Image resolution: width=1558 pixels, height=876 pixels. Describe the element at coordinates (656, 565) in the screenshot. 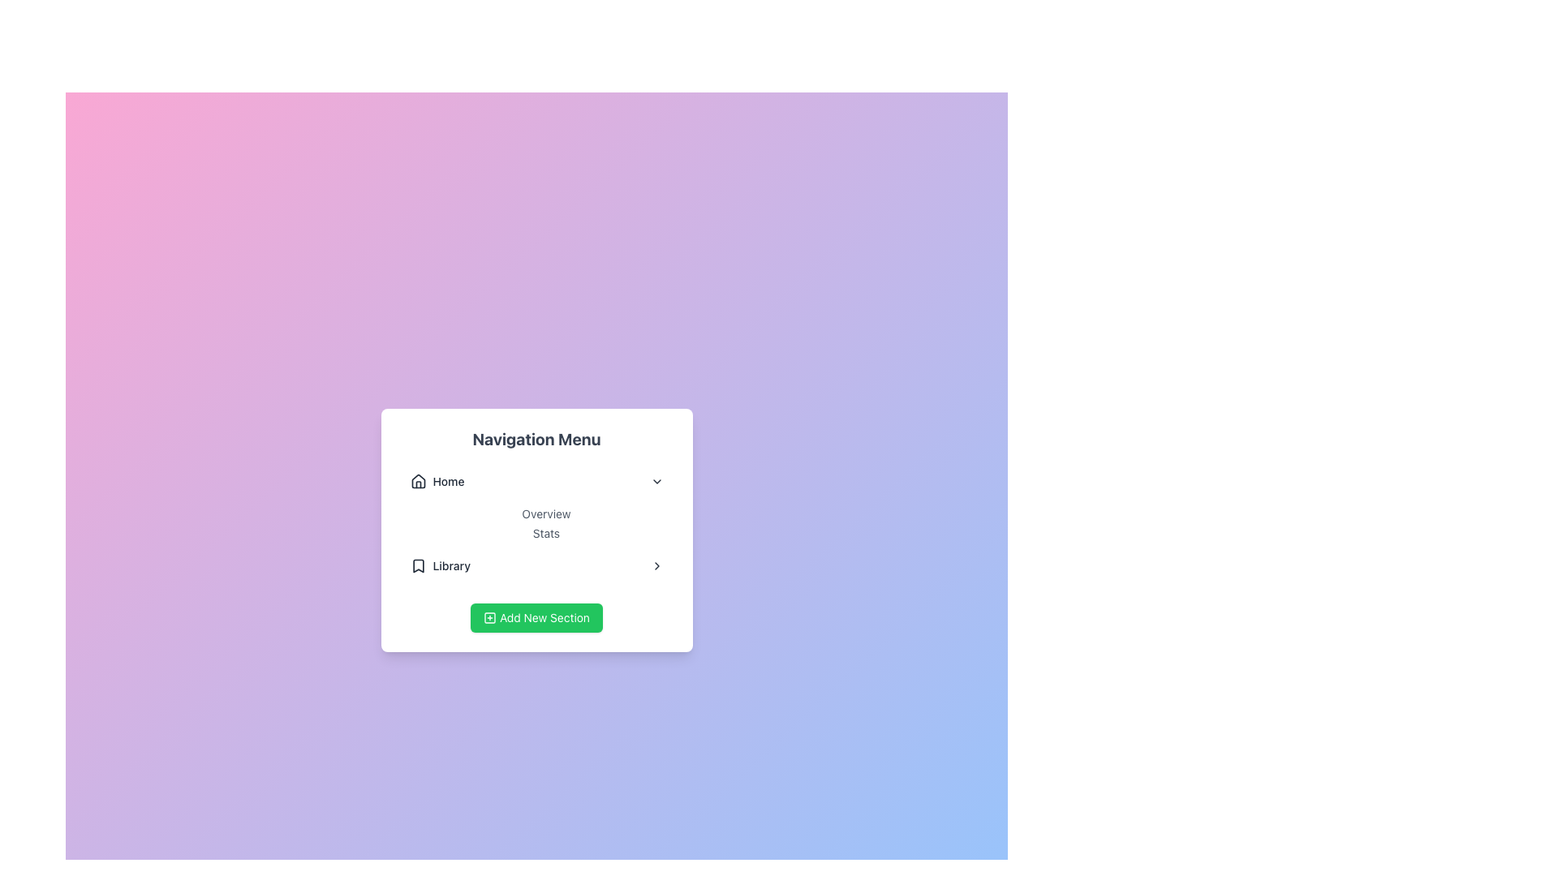

I see `the small right-pointing arrow icon in the 'Library' section` at that location.